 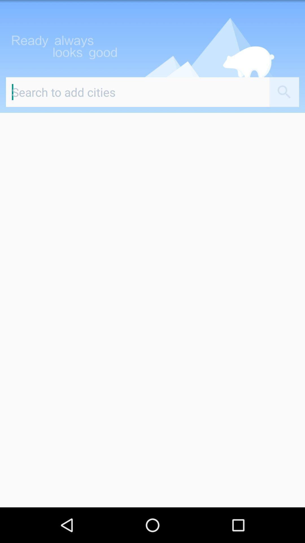 I want to click on input city search text, so click(x=138, y=92).